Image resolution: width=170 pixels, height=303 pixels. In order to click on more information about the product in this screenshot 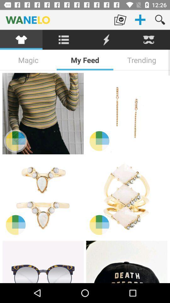, I will do `click(15, 141)`.